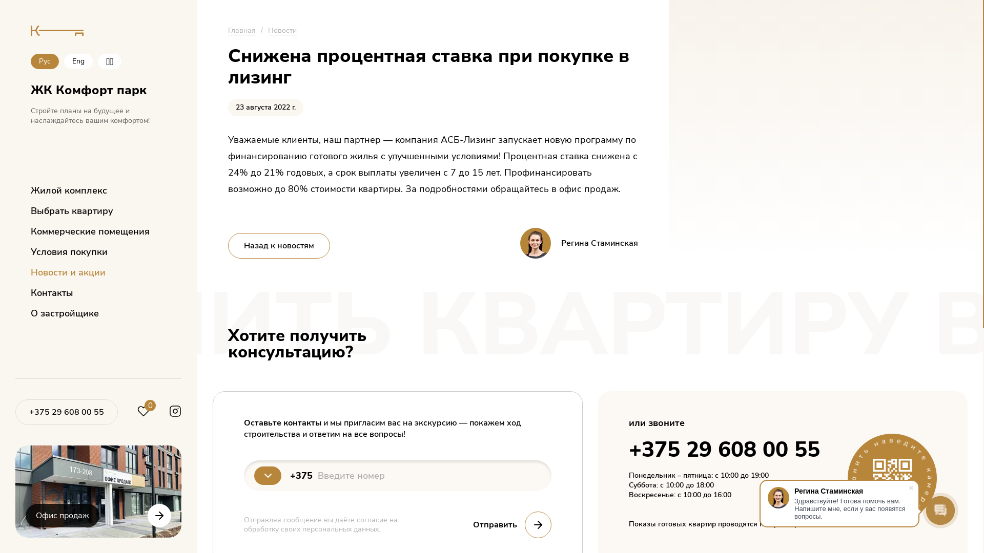  What do you see at coordinates (63, 61) in the screenshot?
I see `'Eng'` at bounding box center [63, 61].